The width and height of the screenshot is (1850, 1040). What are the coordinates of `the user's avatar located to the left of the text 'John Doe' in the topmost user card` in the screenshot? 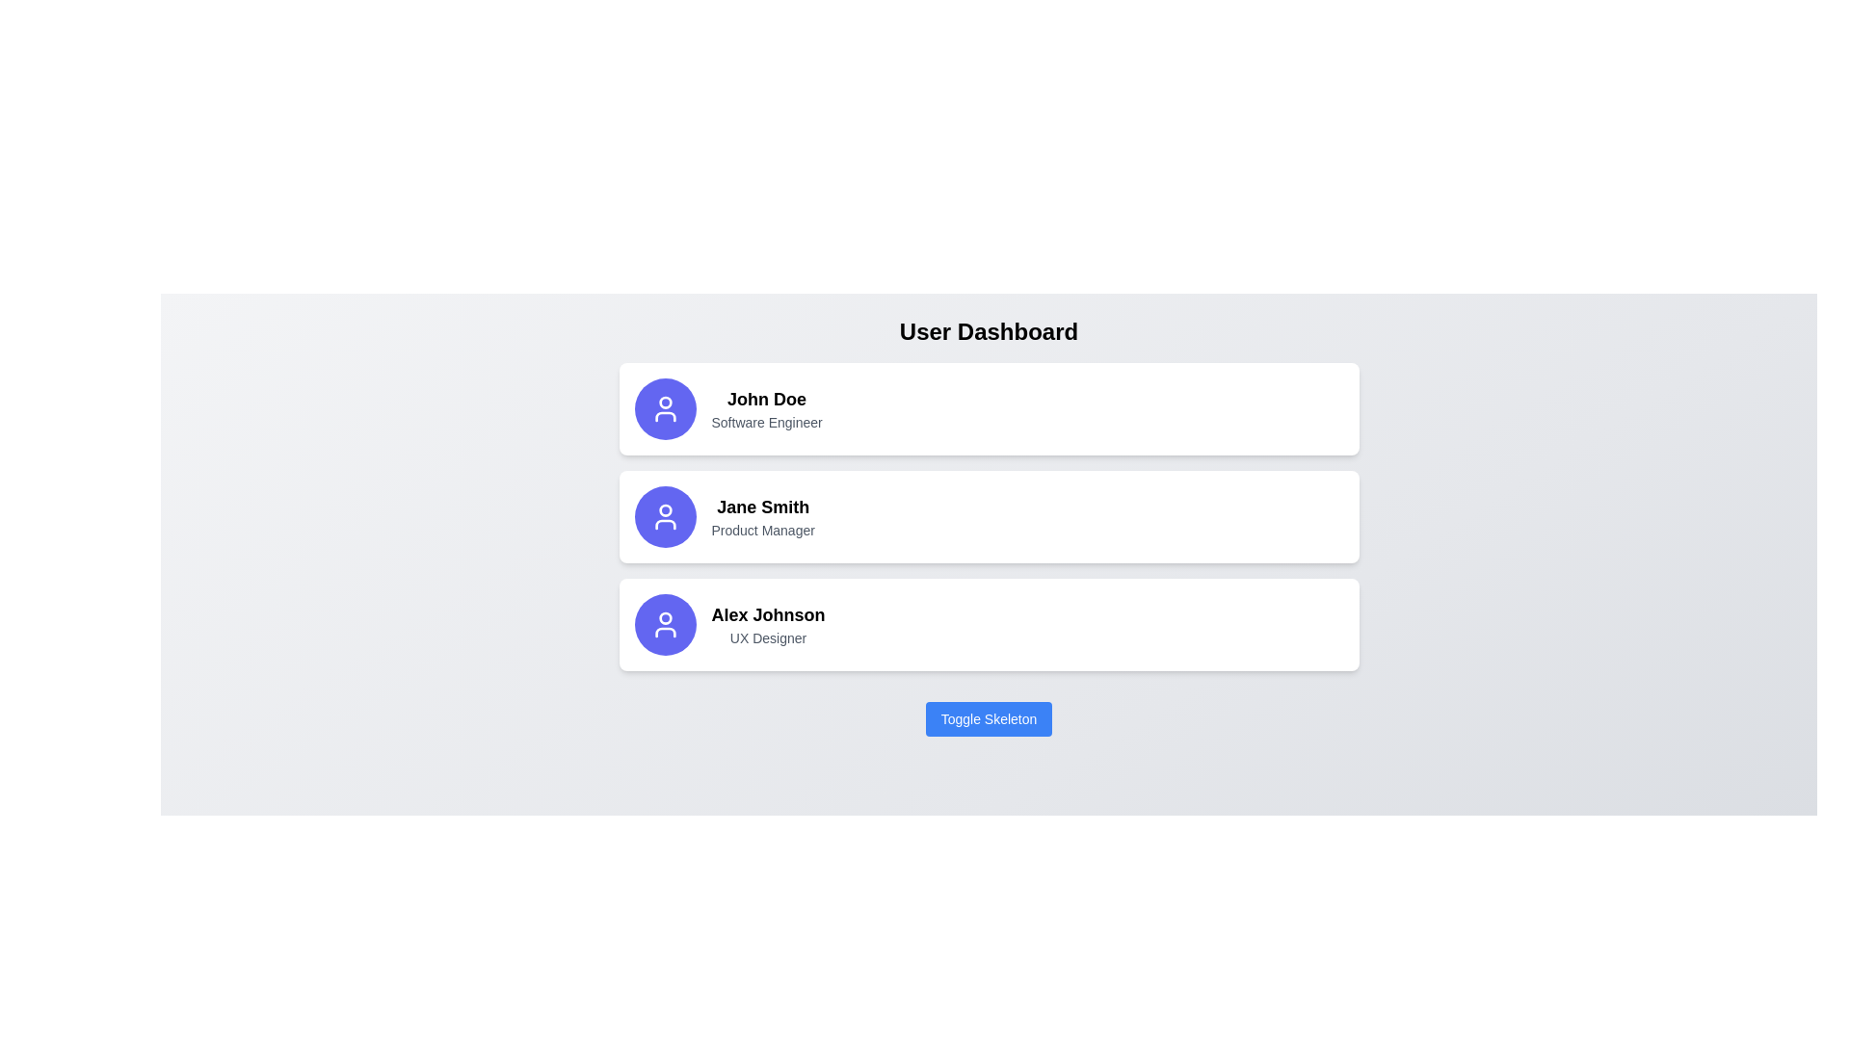 It's located at (665, 407).